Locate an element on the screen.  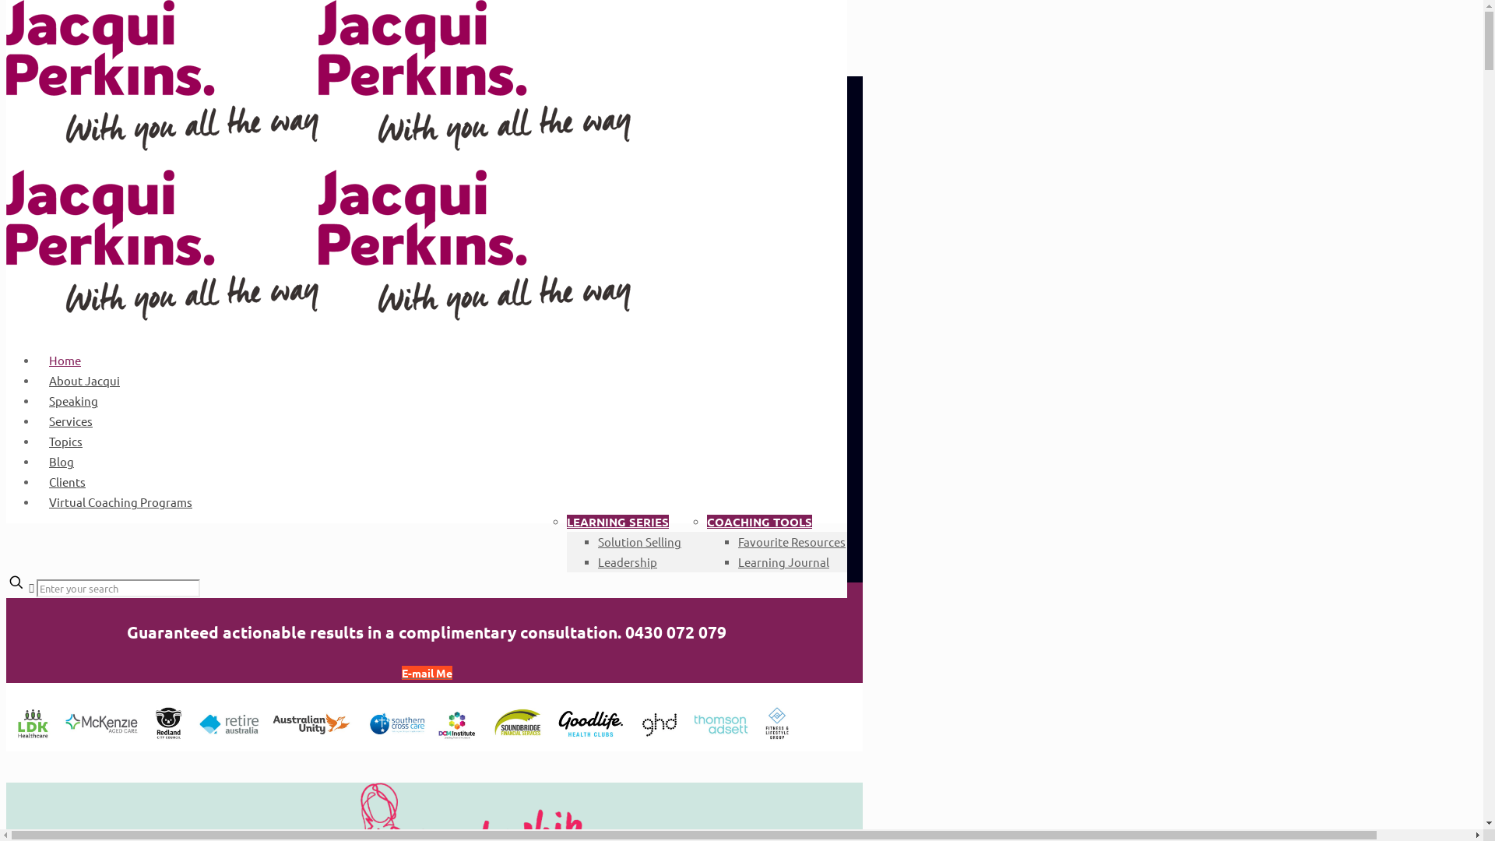
'Clients' is located at coordinates (66, 480).